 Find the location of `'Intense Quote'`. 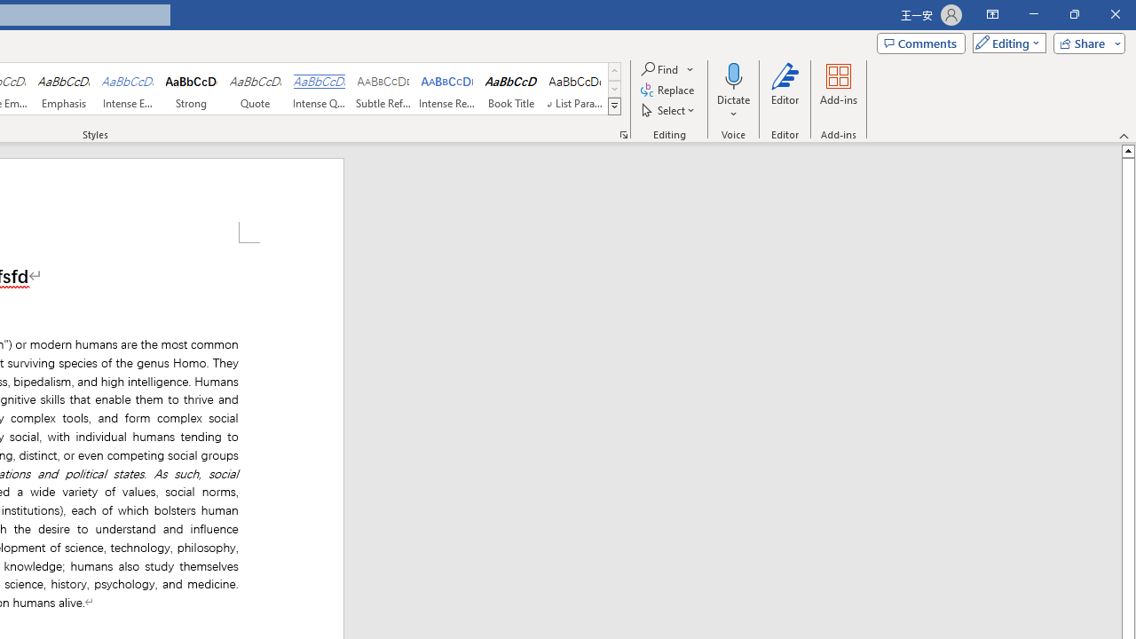

'Intense Quote' is located at coordinates (319, 89).